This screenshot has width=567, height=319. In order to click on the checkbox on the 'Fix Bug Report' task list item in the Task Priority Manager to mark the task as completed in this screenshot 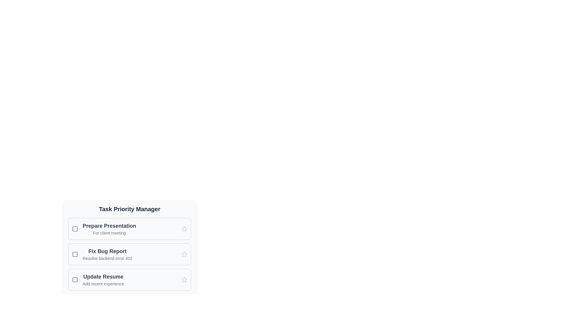, I will do `click(129, 254)`.